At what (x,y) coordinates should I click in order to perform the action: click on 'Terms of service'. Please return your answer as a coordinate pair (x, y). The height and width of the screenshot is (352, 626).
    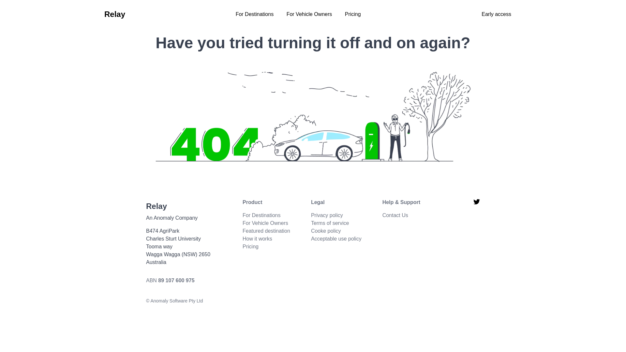
    Looking at the image, I should click on (311, 223).